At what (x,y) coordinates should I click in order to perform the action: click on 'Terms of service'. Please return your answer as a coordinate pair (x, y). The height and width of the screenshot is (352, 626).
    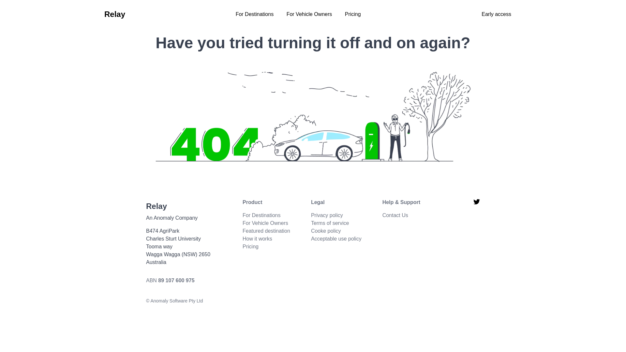
    Looking at the image, I should click on (311, 223).